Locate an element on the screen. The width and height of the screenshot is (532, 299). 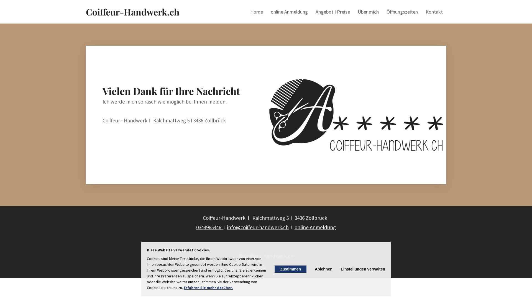
'Ablehnen' is located at coordinates (323, 269).